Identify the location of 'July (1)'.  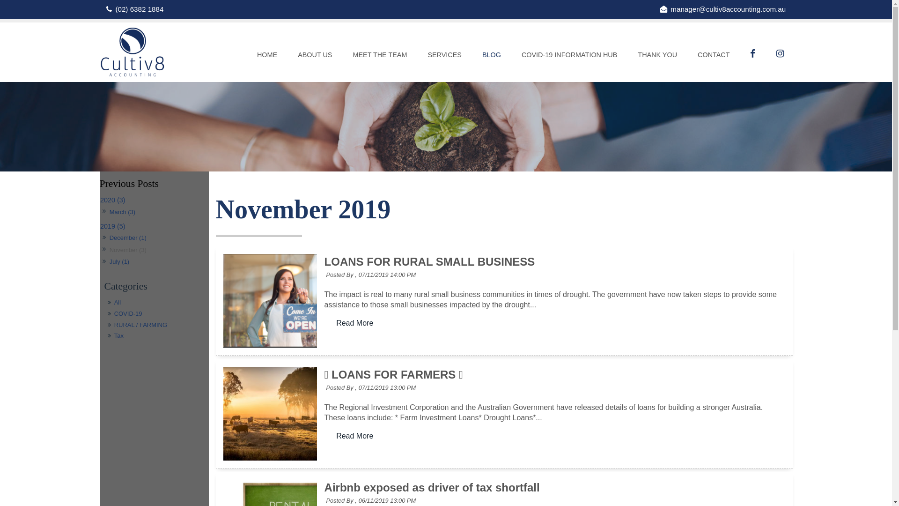
(118, 262).